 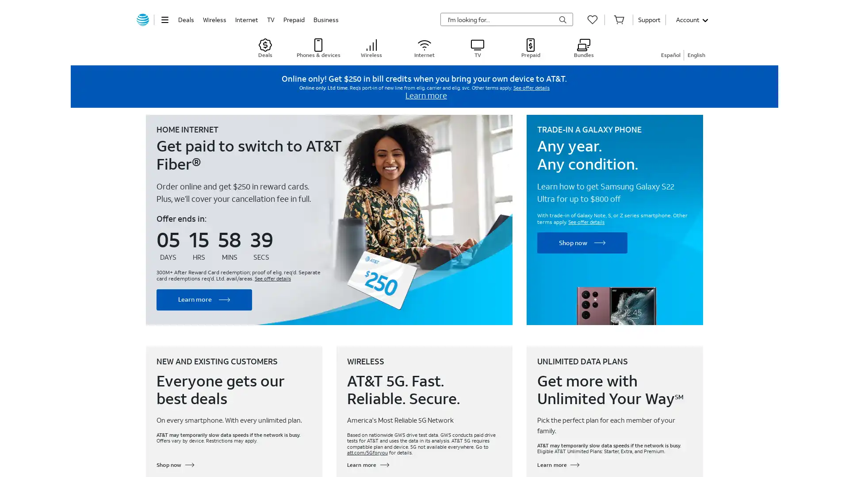 What do you see at coordinates (562, 20) in the screenshot?
I see `Search` at bounding box center [562, 20].